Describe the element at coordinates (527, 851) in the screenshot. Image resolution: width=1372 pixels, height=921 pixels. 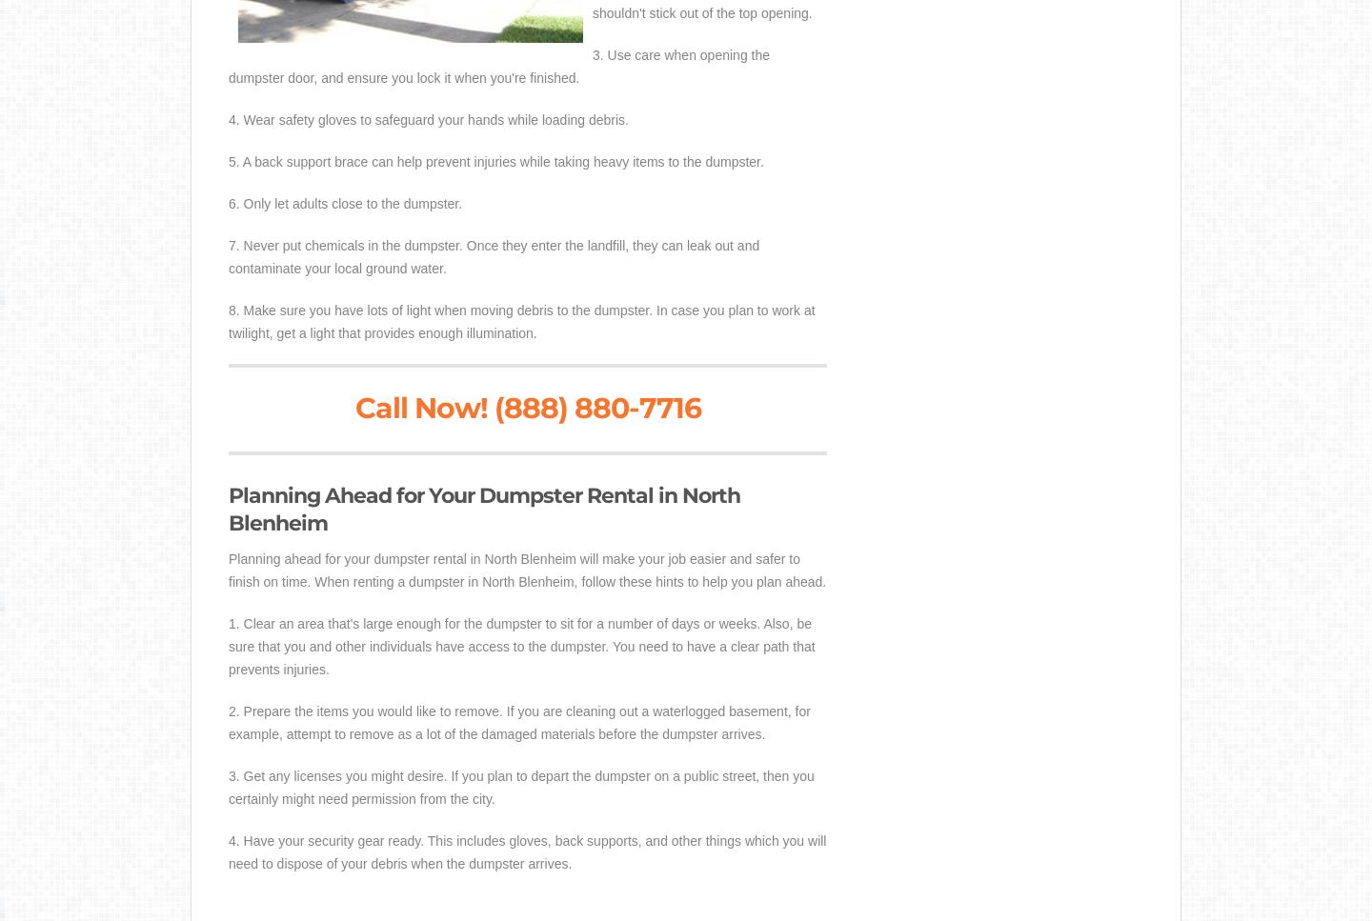
I see `'4. Have your security gear ready. This includes gloves, back supports, and other things which you will need to dispose of your debris when the dumpster arrives.'` at that location.